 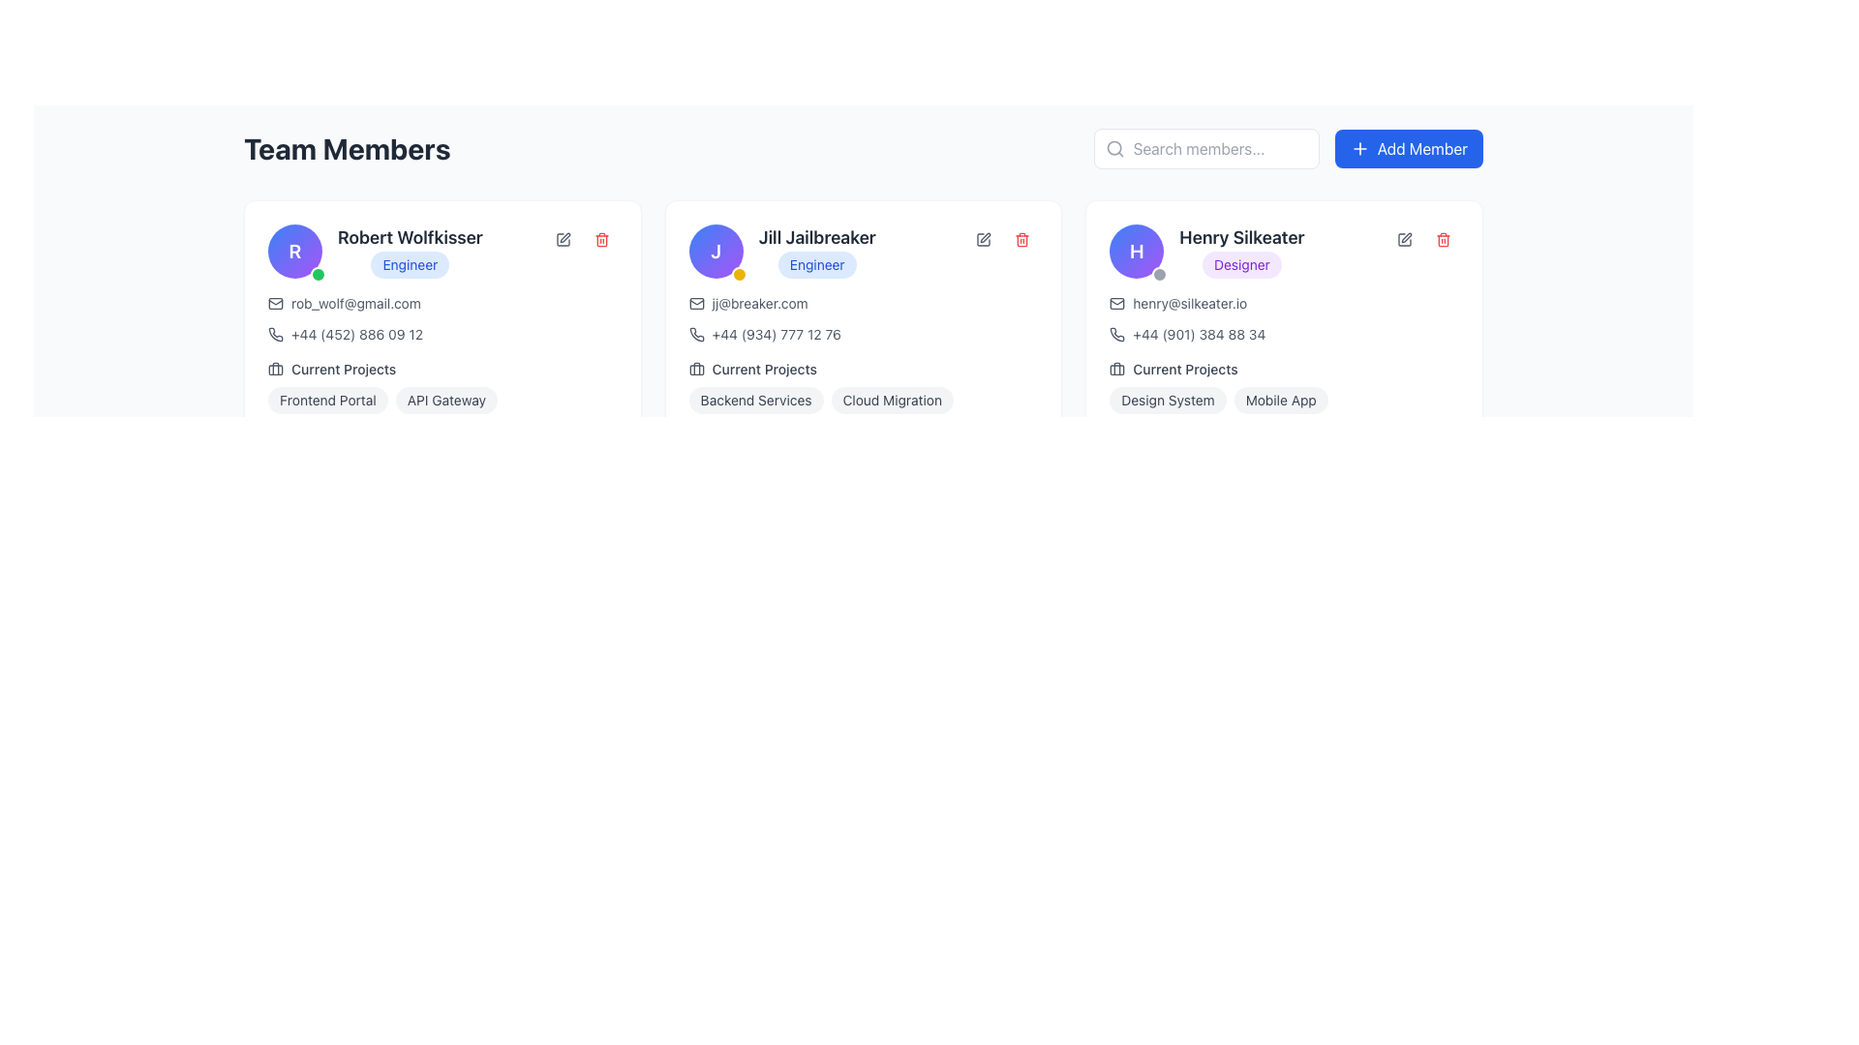 What do you see at coordinates (1113, 147) in the screenshot?
I see `the lens graphical icon representing the search functionality located near the top right corner of the application interface, within the search input box to the left of the 'Add Member' button` at bounding box center [1113, 147].